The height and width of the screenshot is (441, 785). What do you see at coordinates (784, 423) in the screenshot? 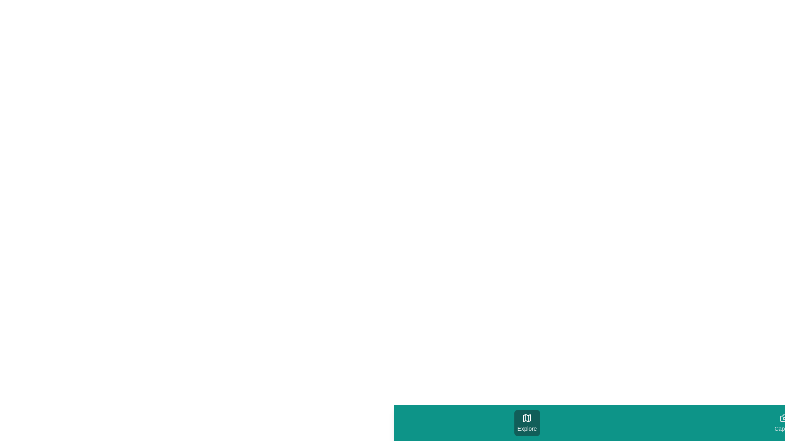
I see `the tab labeled Capture by clicking on its button` at bounding box center [784, 423].